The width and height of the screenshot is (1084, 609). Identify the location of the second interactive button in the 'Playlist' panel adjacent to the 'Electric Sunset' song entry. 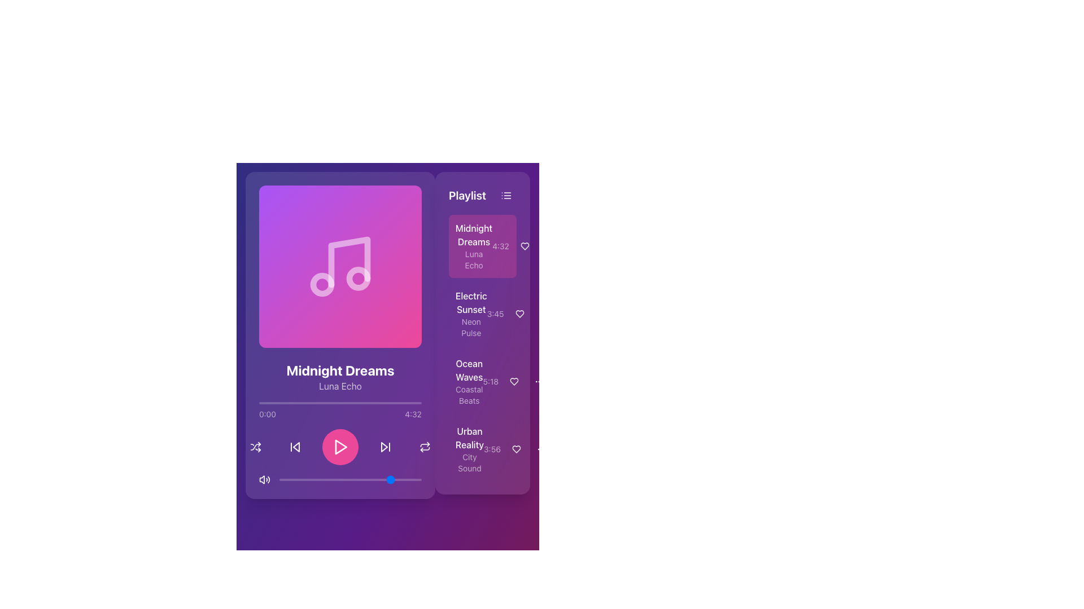
(544, 314).